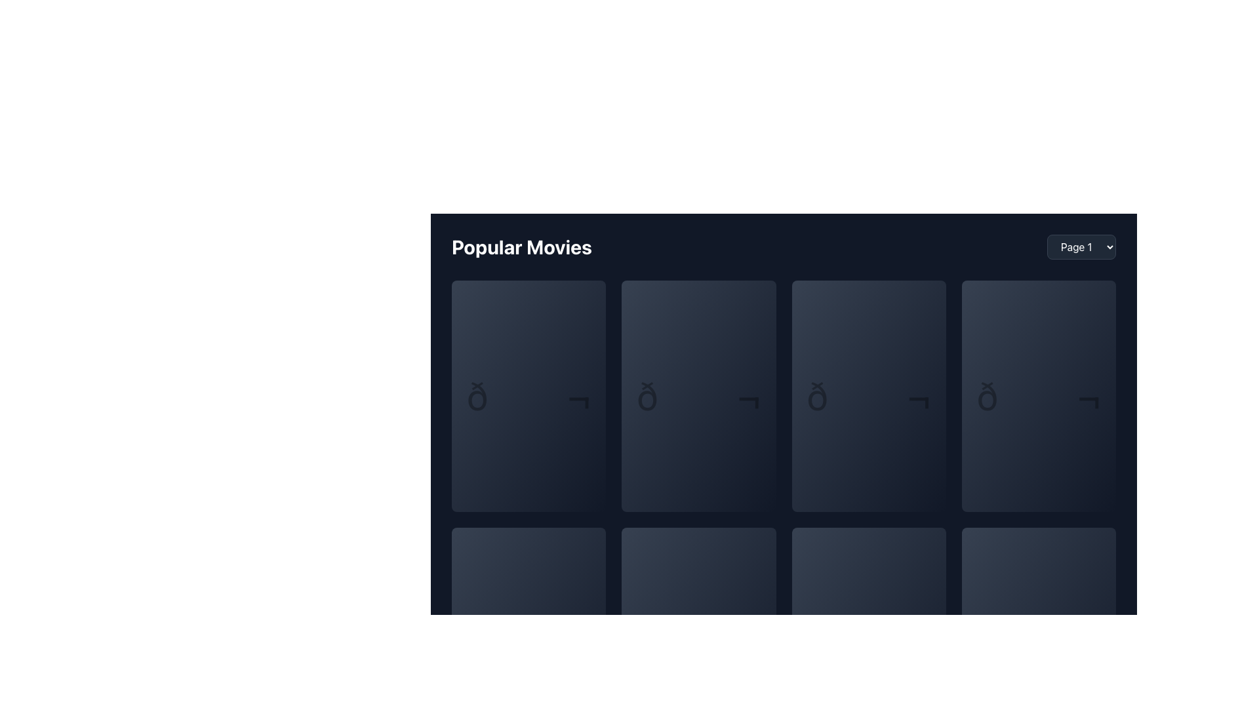 This screenshot has height=708, width=1259. I want to click on the dropdown menu located on the rightmost side of the header bar titled 'Popular Movies', so click(1081, 247).